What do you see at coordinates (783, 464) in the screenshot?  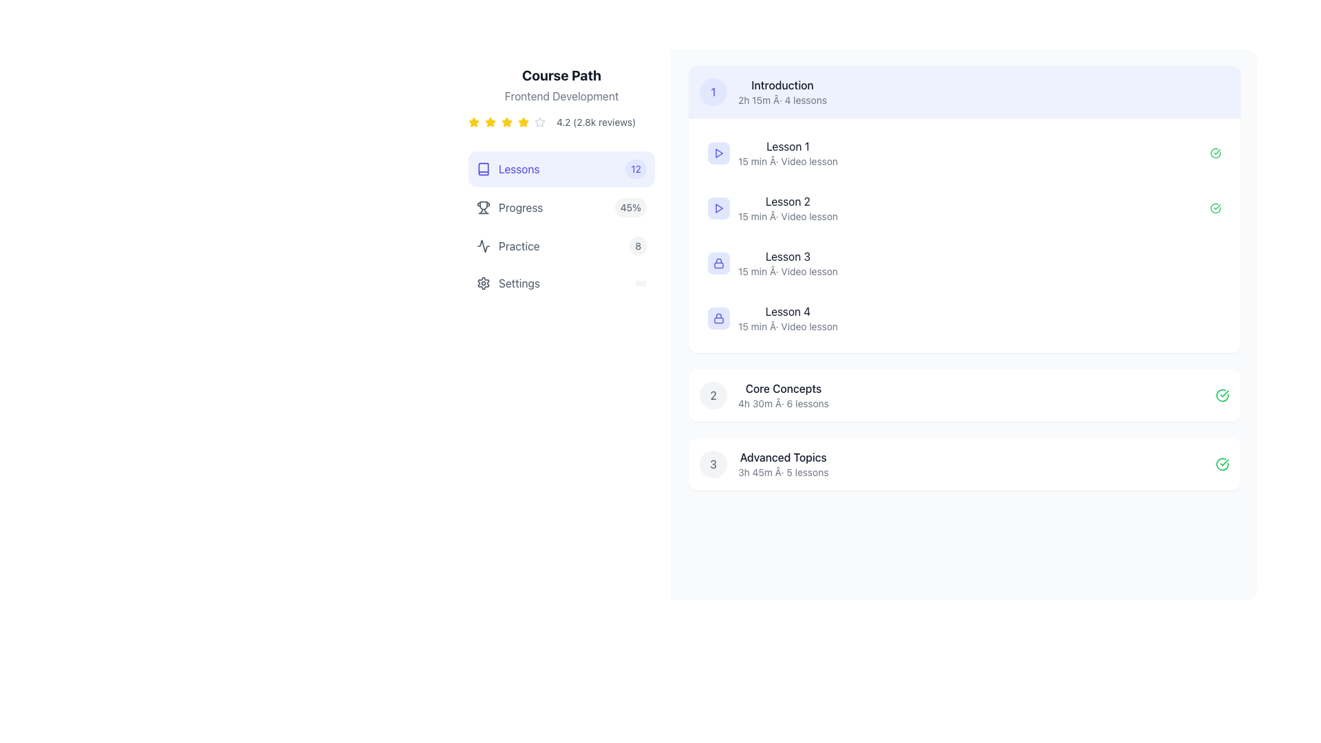 I see `information displayed in the textual informational display that contains 'Advanced Topics' and '3h 45m · 5 lessons.'` at bounding box center [783, 464].